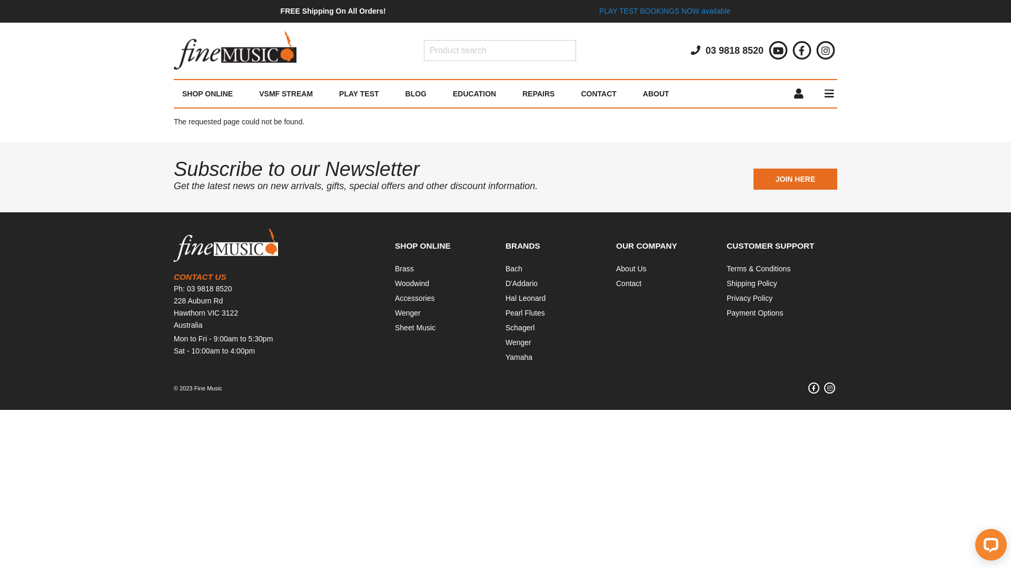  What do you see at coordinates (333, 11) in the screenshot?
I see `'FREE Shipping On All Orders!'` at bounding box center [333, 11].